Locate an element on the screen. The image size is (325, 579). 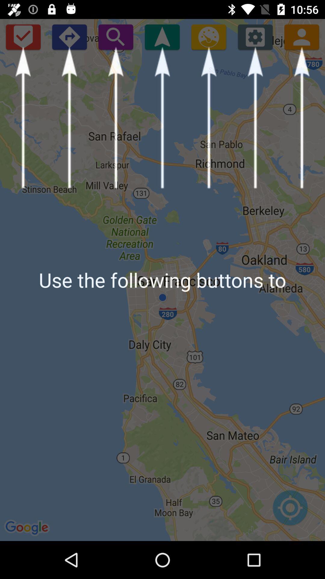
the icon above use the following is located at coordinates (255, 36).